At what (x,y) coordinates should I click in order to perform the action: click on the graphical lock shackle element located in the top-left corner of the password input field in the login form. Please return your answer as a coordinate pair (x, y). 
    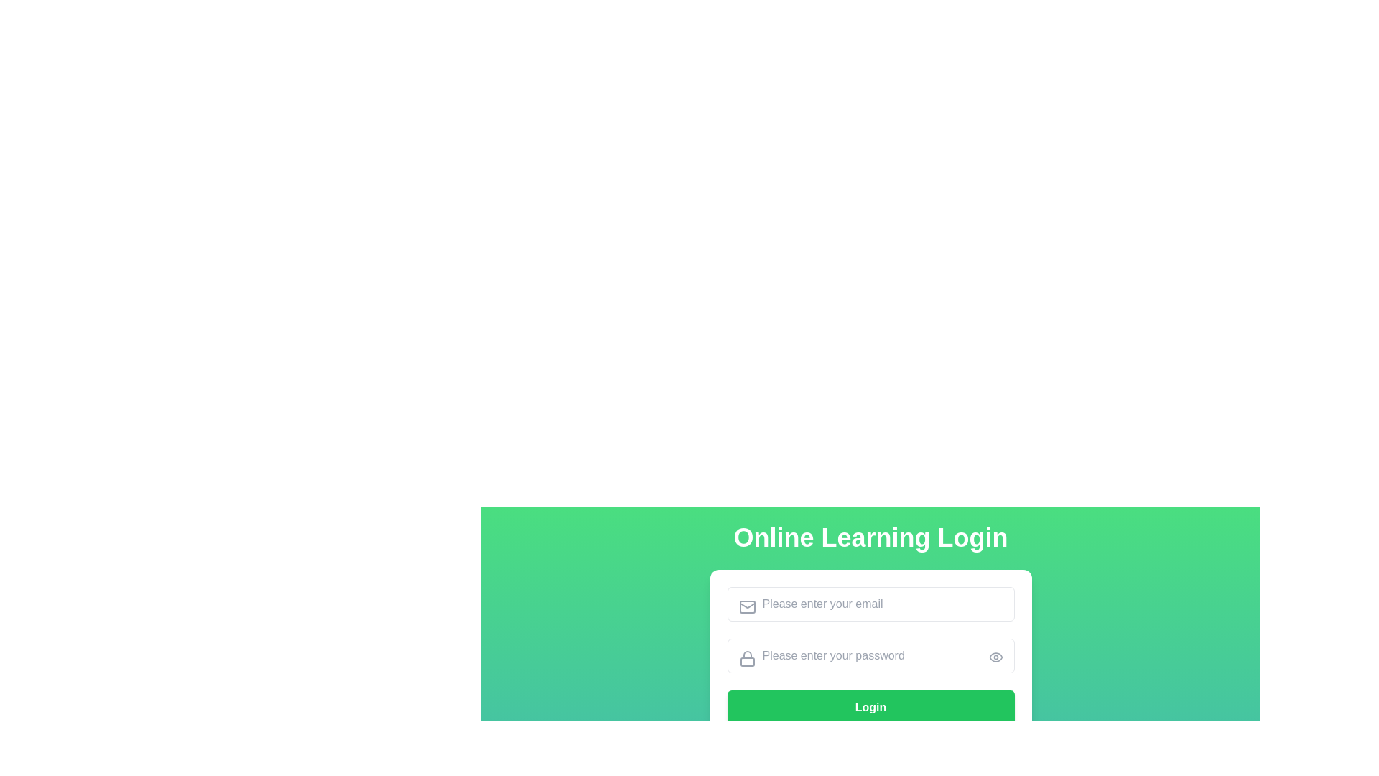
    Looking at the image, I should click on (747, 655).